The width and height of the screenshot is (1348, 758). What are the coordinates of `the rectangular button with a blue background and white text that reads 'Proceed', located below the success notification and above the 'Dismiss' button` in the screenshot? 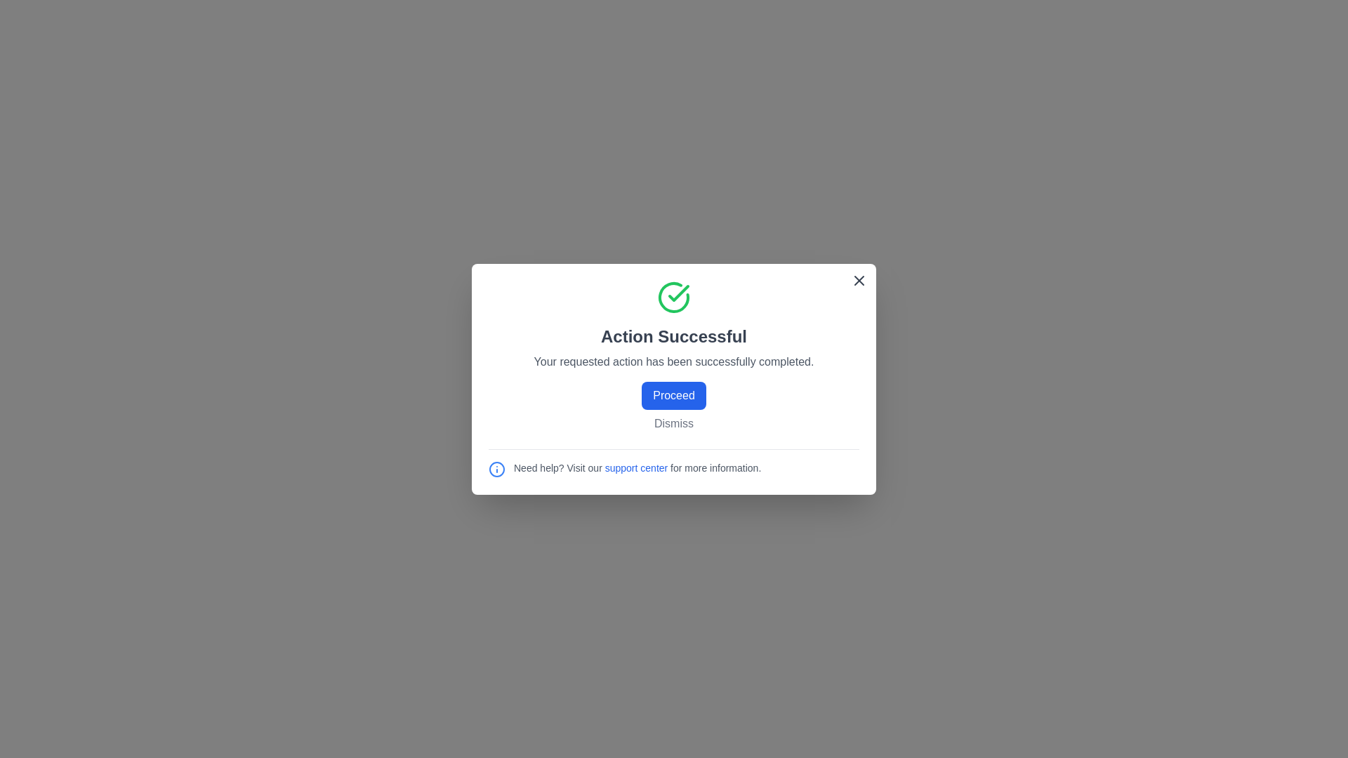 It's located at (674, 395).